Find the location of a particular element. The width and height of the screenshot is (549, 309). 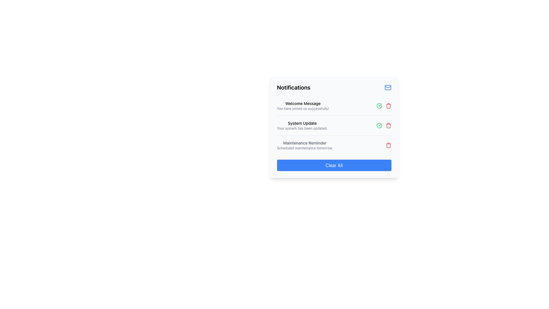

the second notification in the list, which informs the user about a 'System Update' and confirms that the system has been updated is located at coordinates (302, 125).